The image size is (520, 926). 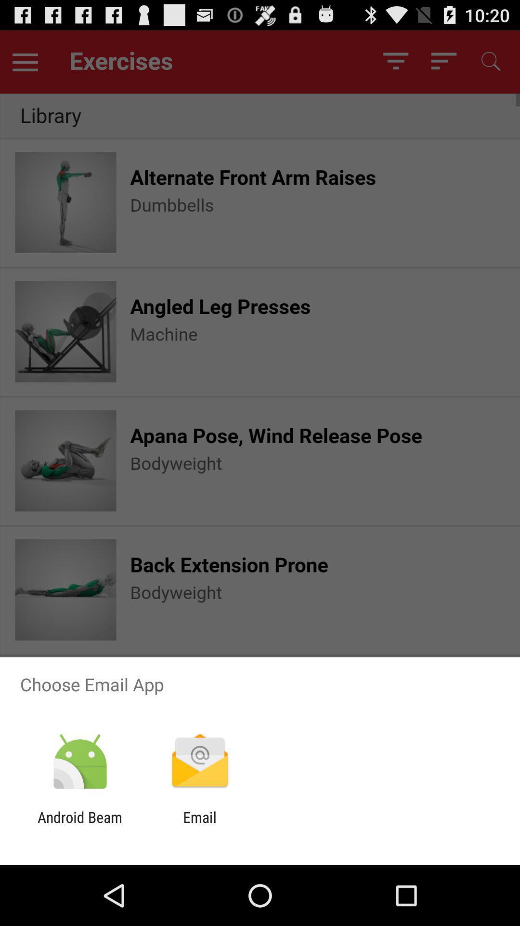 What do you see at coordinates (79, 825) in the screenshot?
I see `android beam icon` at bounding box center [79, 825].